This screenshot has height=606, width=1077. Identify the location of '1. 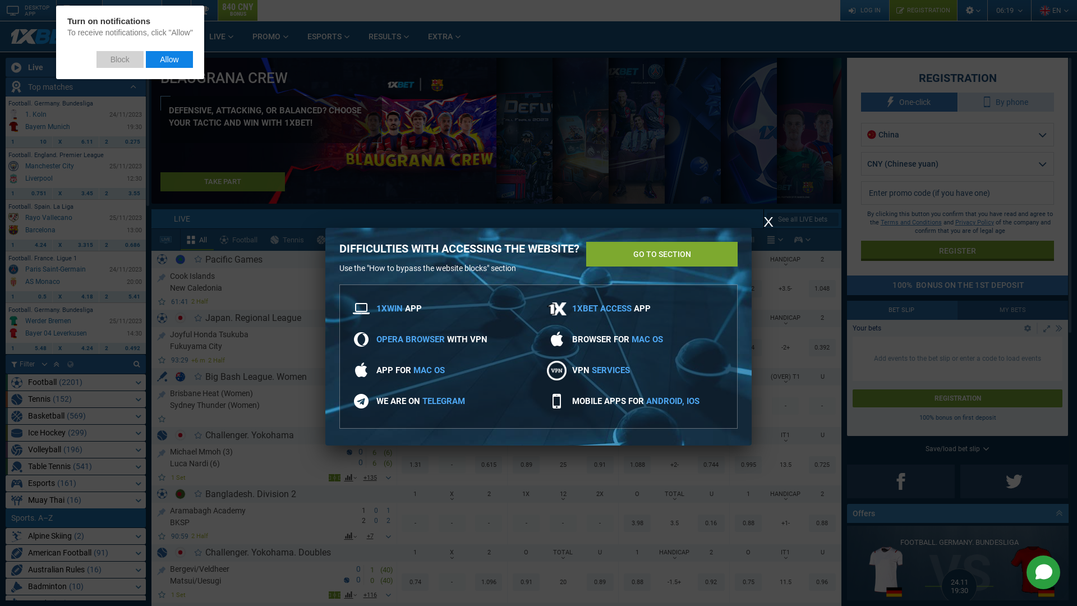
(29, 192).